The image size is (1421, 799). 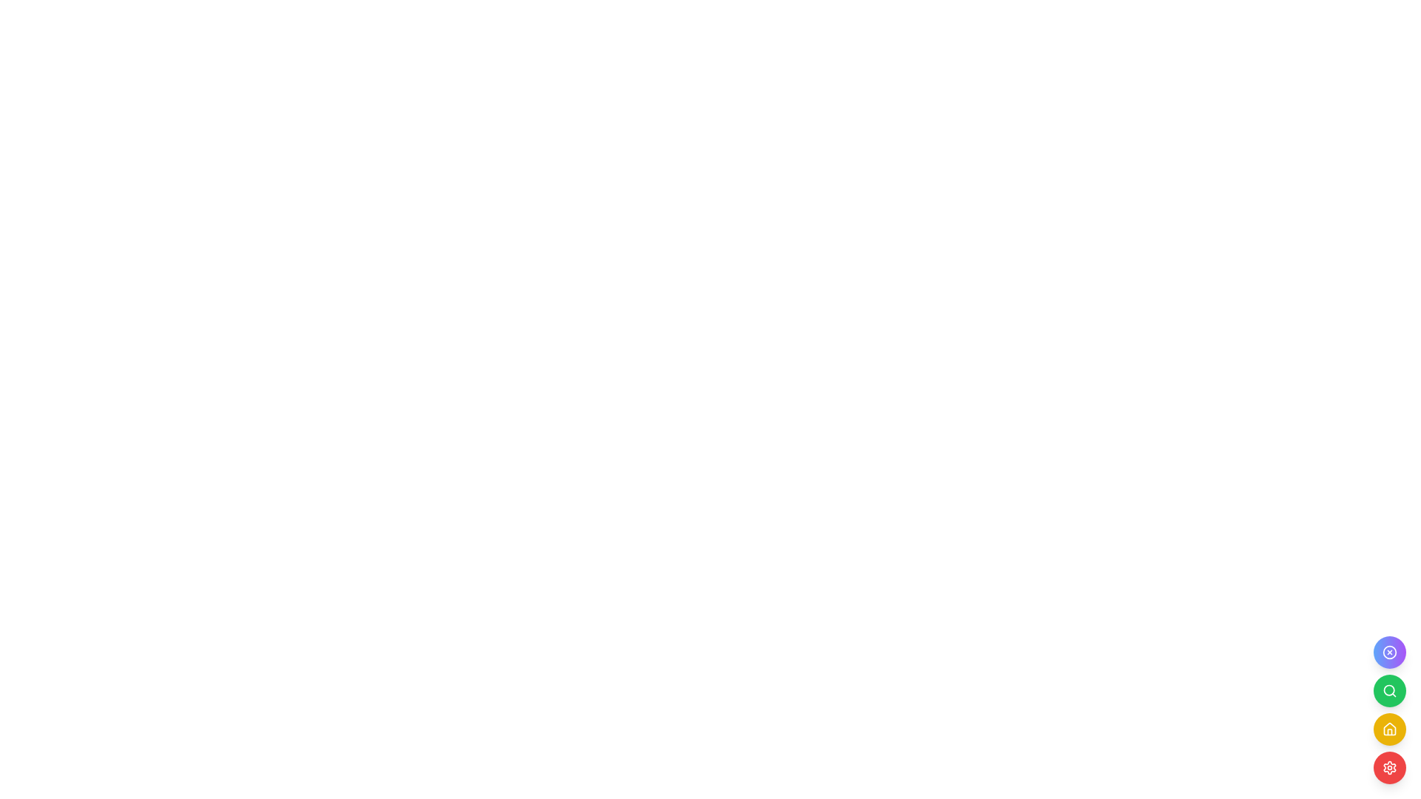 What do you see at coordinates (1388, 727) in the screenshot?
I see `the 'Home' icon located at the bottom of the vertically aligned series of icons on the right side of the interface` at bounding box center [1388, 727].